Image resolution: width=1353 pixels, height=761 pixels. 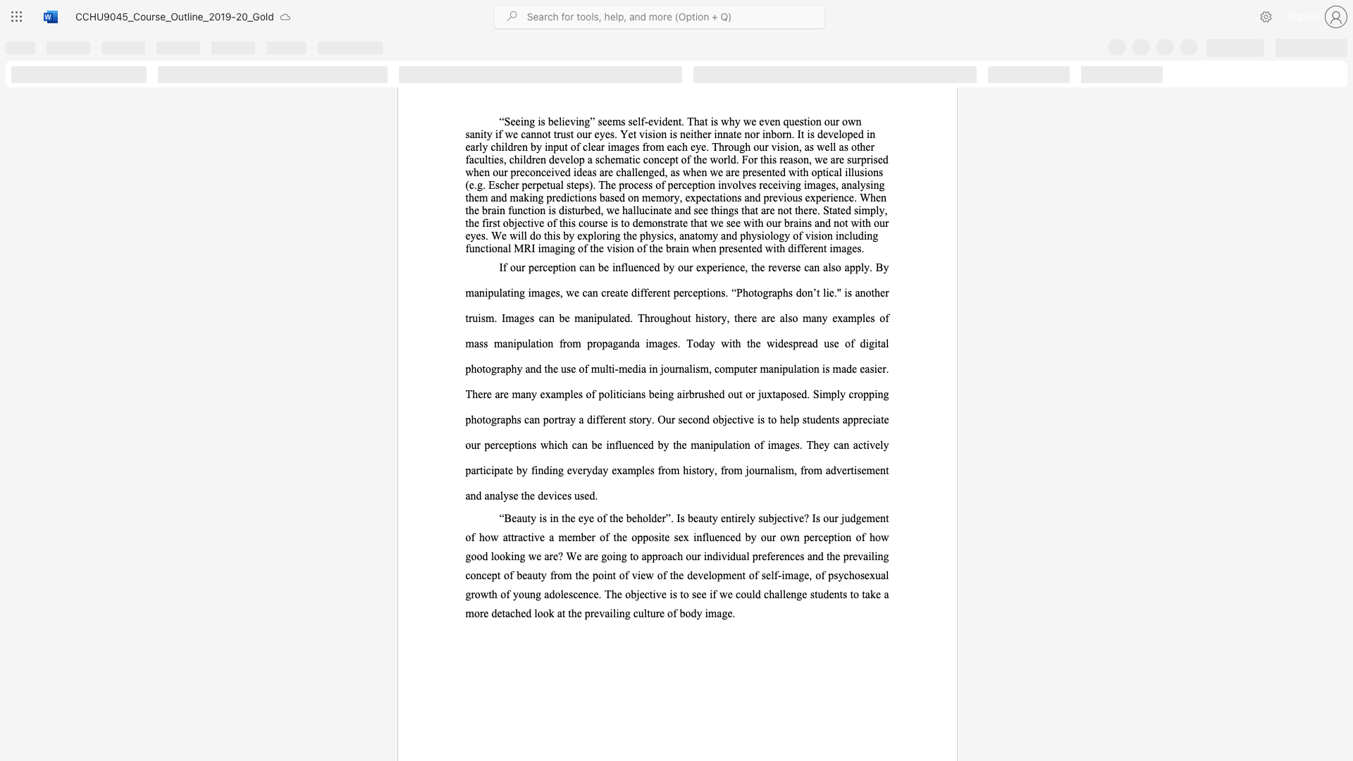 What do you see at coordinates (688, 159) in the screenshot?
I see `the 6th character "f" in the text` at bounding box center [688, 159].